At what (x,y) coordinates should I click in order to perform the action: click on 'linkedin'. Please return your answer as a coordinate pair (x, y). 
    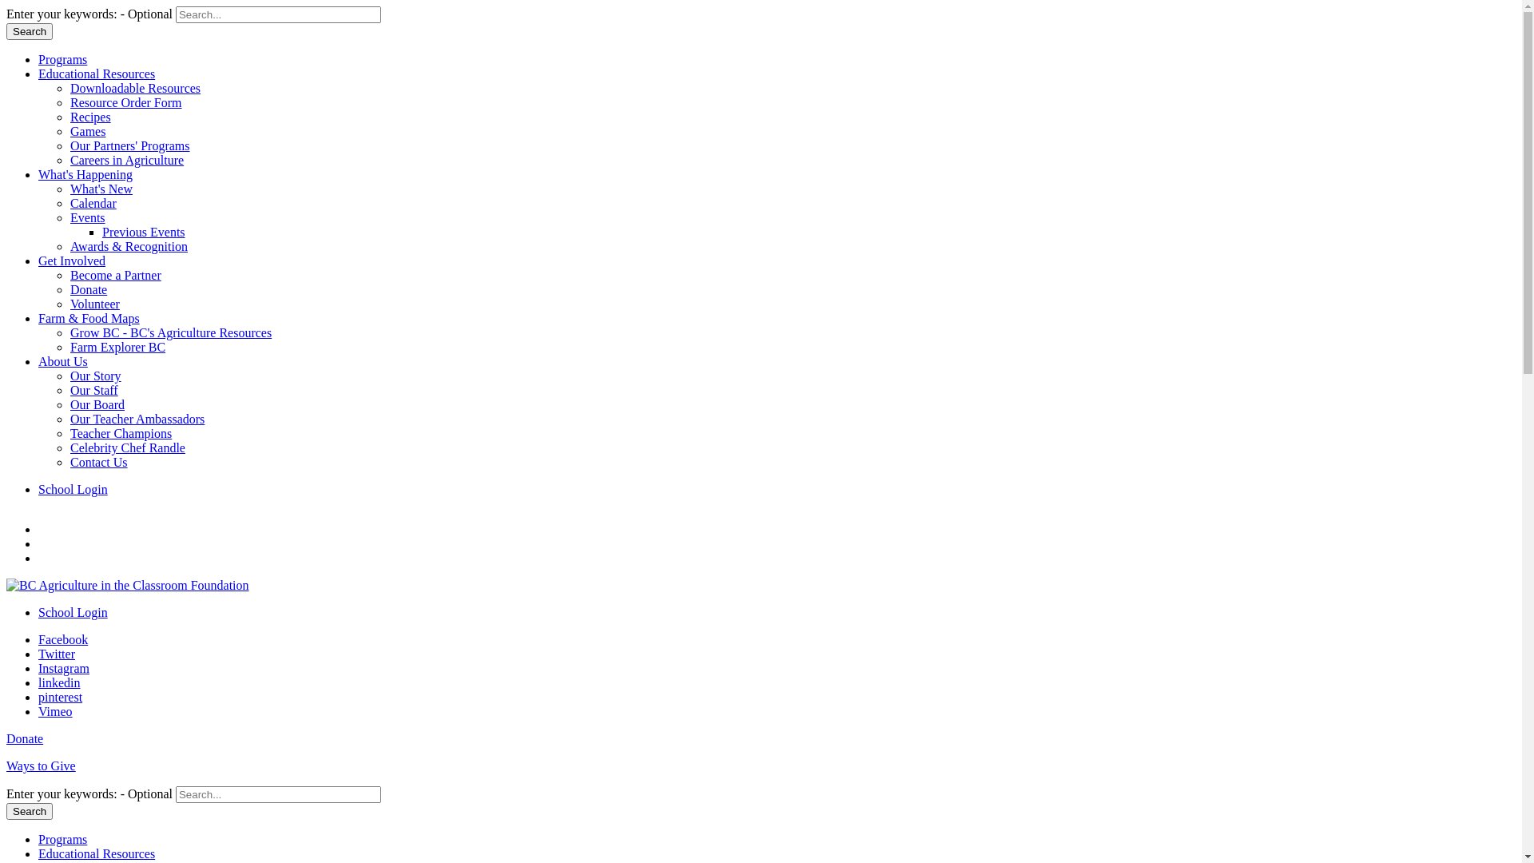
    Looking at the image, I should click on (58, 682).